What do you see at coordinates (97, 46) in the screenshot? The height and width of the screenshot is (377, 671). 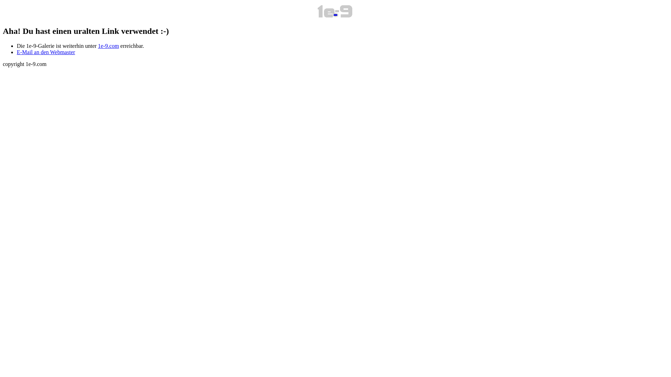 I see `'1e-9.com'` at bounding box center [97, 46].